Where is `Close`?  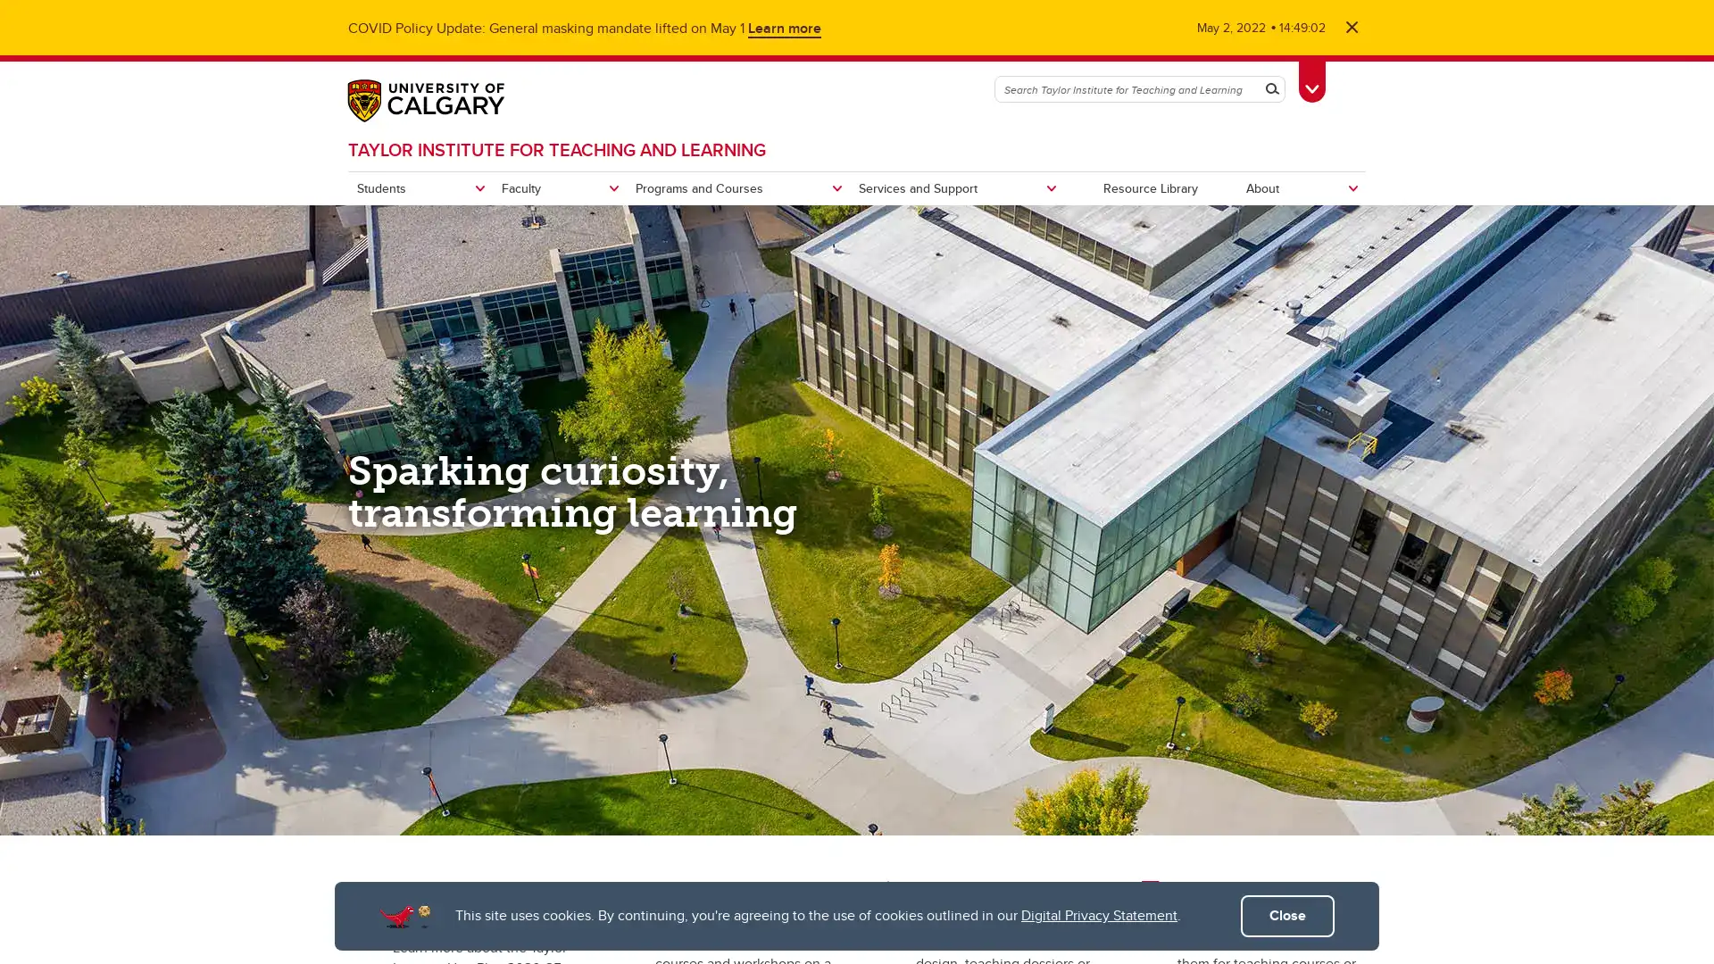
Close is located at coordinates (1287, 916).